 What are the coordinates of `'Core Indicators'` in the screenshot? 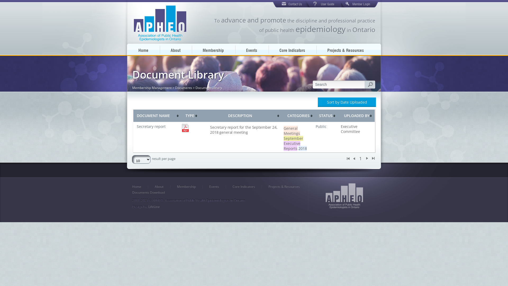 It's located at (292, 49).